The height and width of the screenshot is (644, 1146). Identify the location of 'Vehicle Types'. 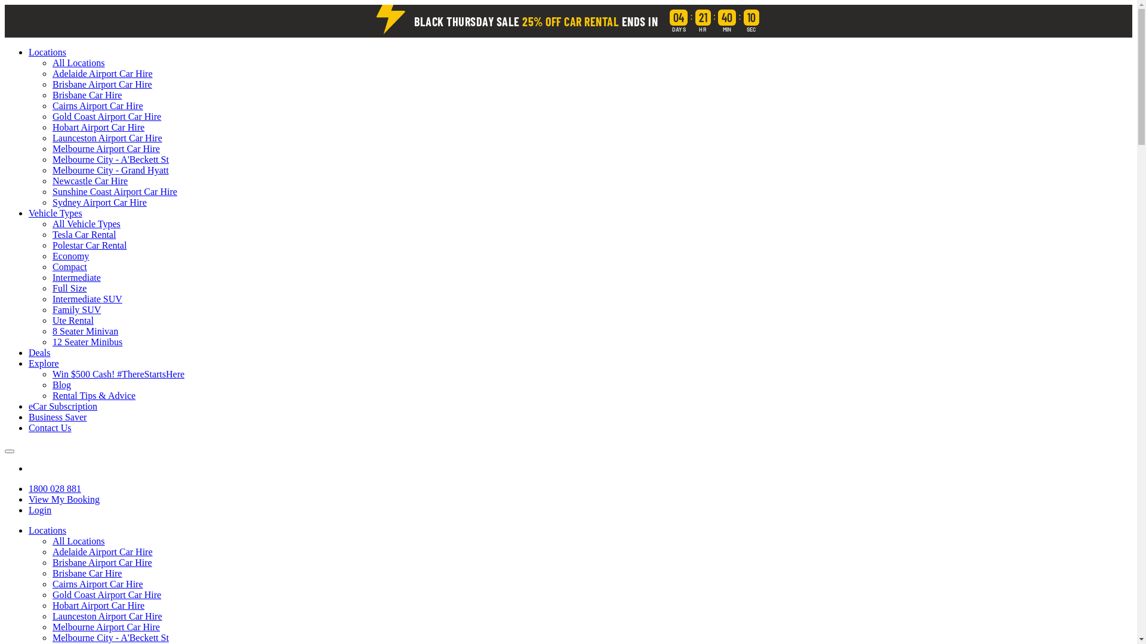
(54, 212).